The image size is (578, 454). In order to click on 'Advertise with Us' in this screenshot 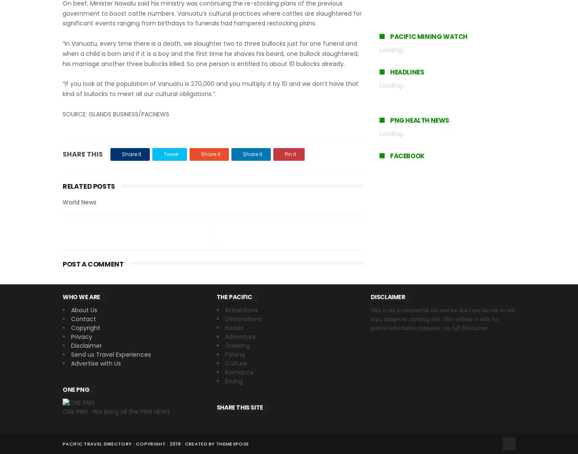, I will do `click(71, 363)`.